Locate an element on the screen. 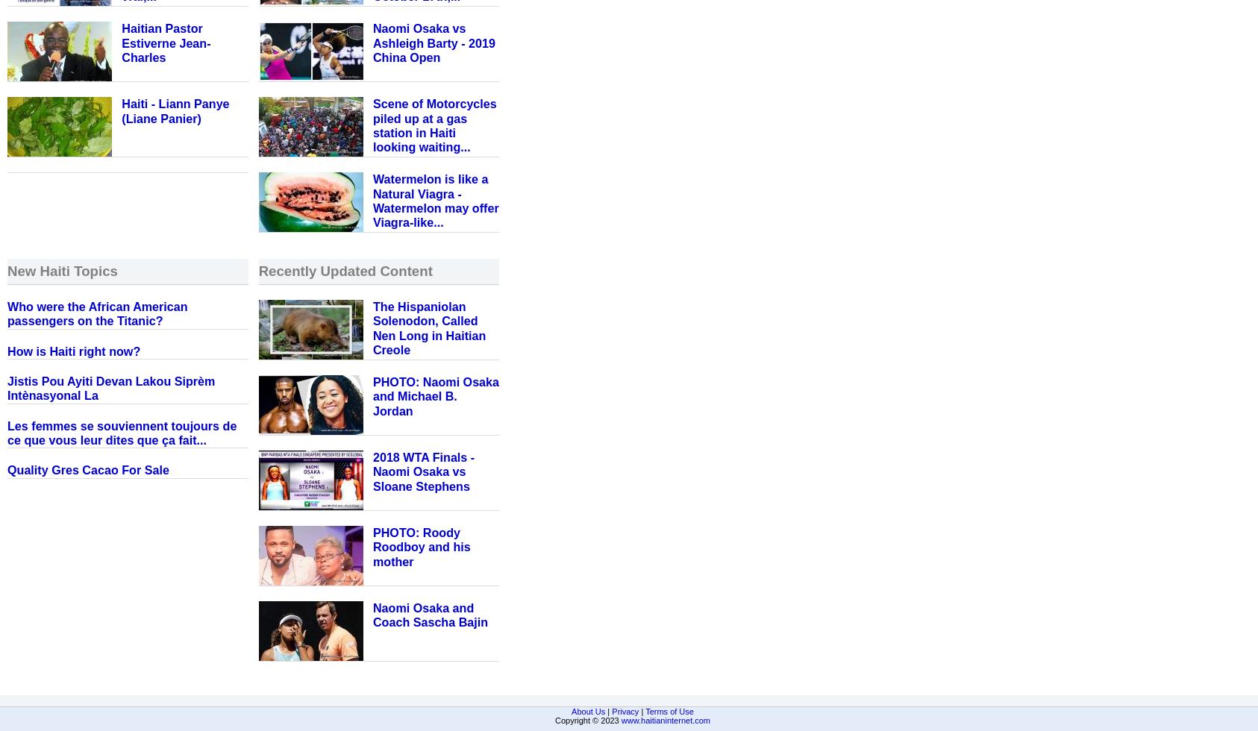 This screenshot has height=731, width=1258. 'Copyright © 2023' is located at coordinates (587, 720).